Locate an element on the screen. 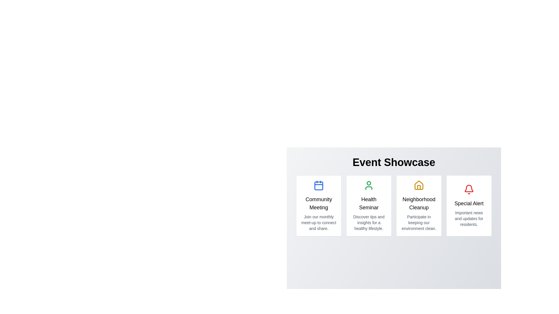  the user icon representing the 'Health Seminar' theme, located directly above the text 'Health Seminar' within the event card layout is located at coordinates (369, 185).